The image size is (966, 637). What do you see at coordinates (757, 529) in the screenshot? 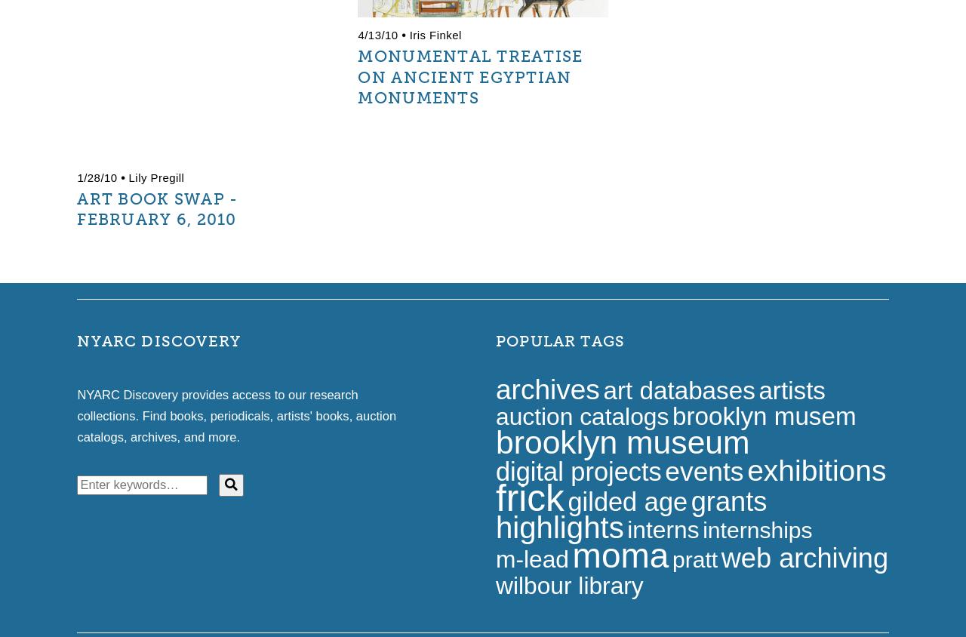
I see `'internships'` at bounding box center [757, 529].